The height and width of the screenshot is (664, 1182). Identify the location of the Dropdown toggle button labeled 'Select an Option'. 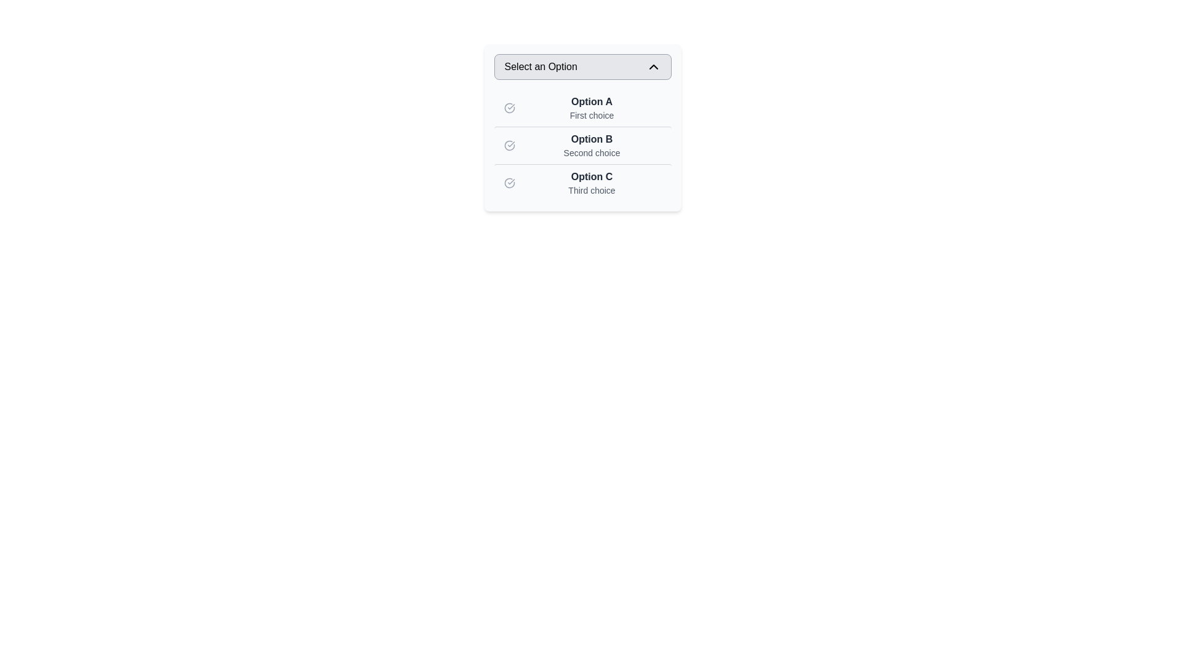
(582, 66).